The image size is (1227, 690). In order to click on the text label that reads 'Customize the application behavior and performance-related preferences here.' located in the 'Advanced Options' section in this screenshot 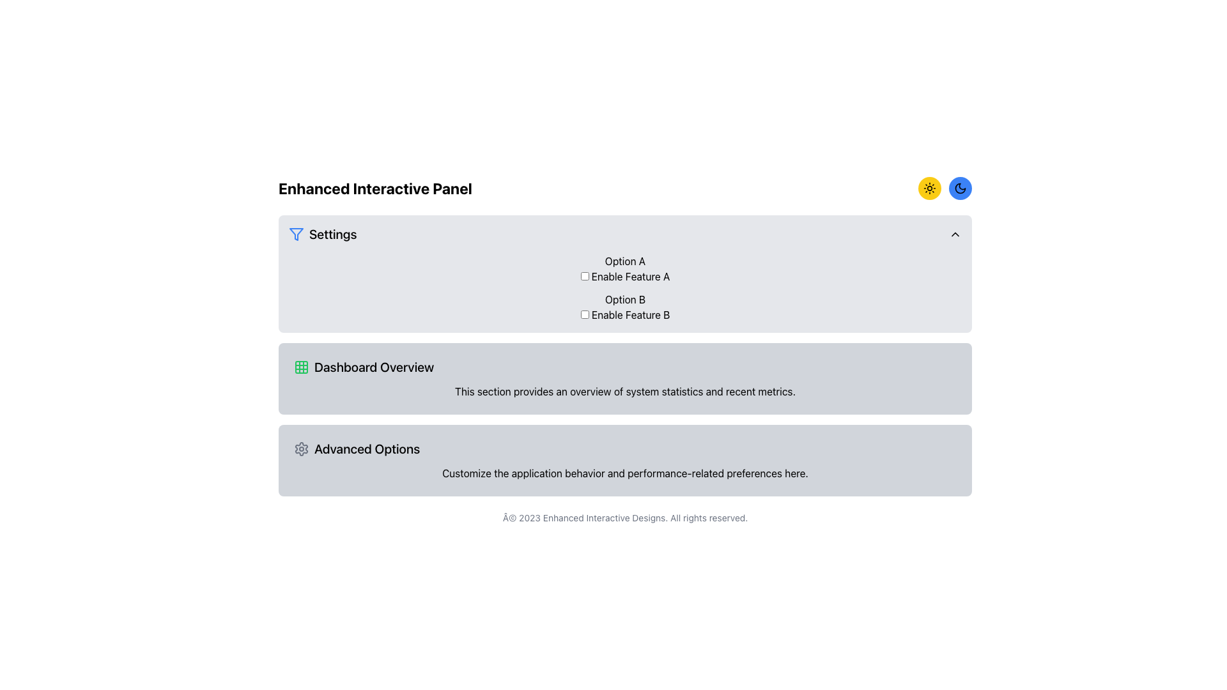, I will do `click(625, 473)`.